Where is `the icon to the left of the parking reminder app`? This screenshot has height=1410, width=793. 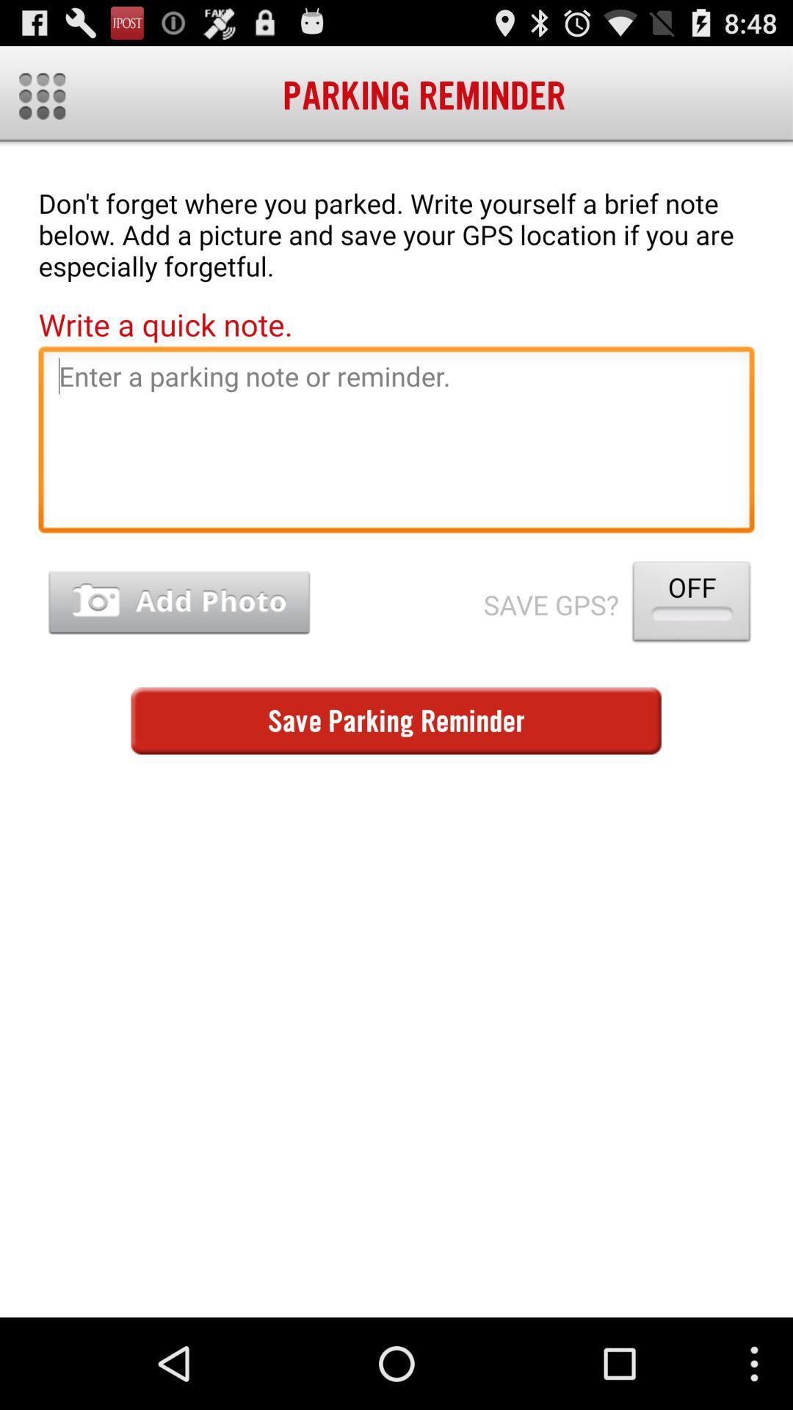
the icon to the left of the parking reminder app is located at coordinates (41, 95).